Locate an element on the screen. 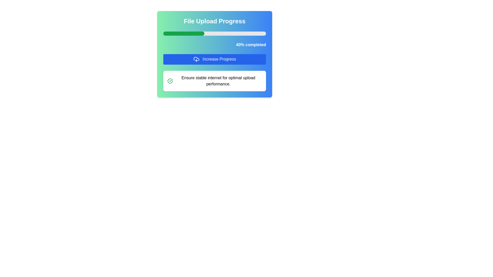 The height and width of the screenshot is (277, 493). the button designed to increase the progress percentage of a task, positioned below a progress bar and above a section about internet stability is located at coordinates (214, 59).